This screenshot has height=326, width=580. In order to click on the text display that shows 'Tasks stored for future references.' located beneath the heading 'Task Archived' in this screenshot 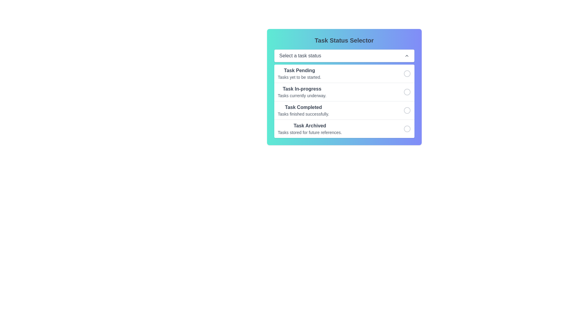, I will do `click(310, 132)`.